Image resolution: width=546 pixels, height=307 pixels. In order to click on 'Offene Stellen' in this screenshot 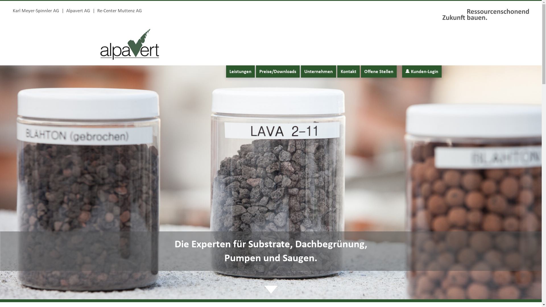, I will do `click(378, 71)`.